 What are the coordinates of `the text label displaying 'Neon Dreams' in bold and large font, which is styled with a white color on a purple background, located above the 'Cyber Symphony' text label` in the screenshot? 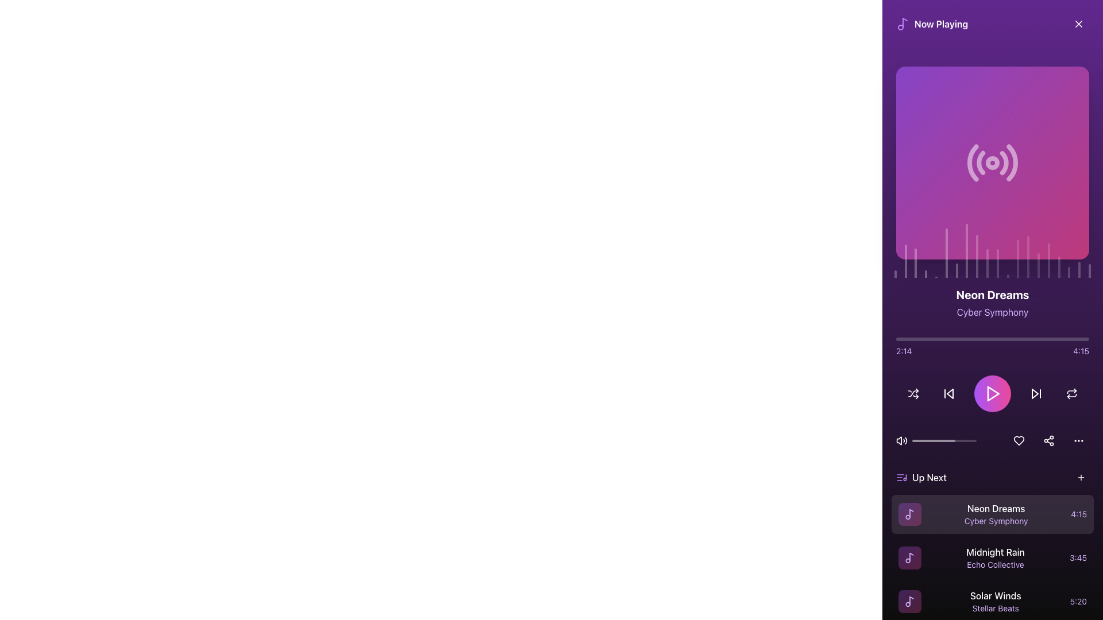 It's located at (992, 294).